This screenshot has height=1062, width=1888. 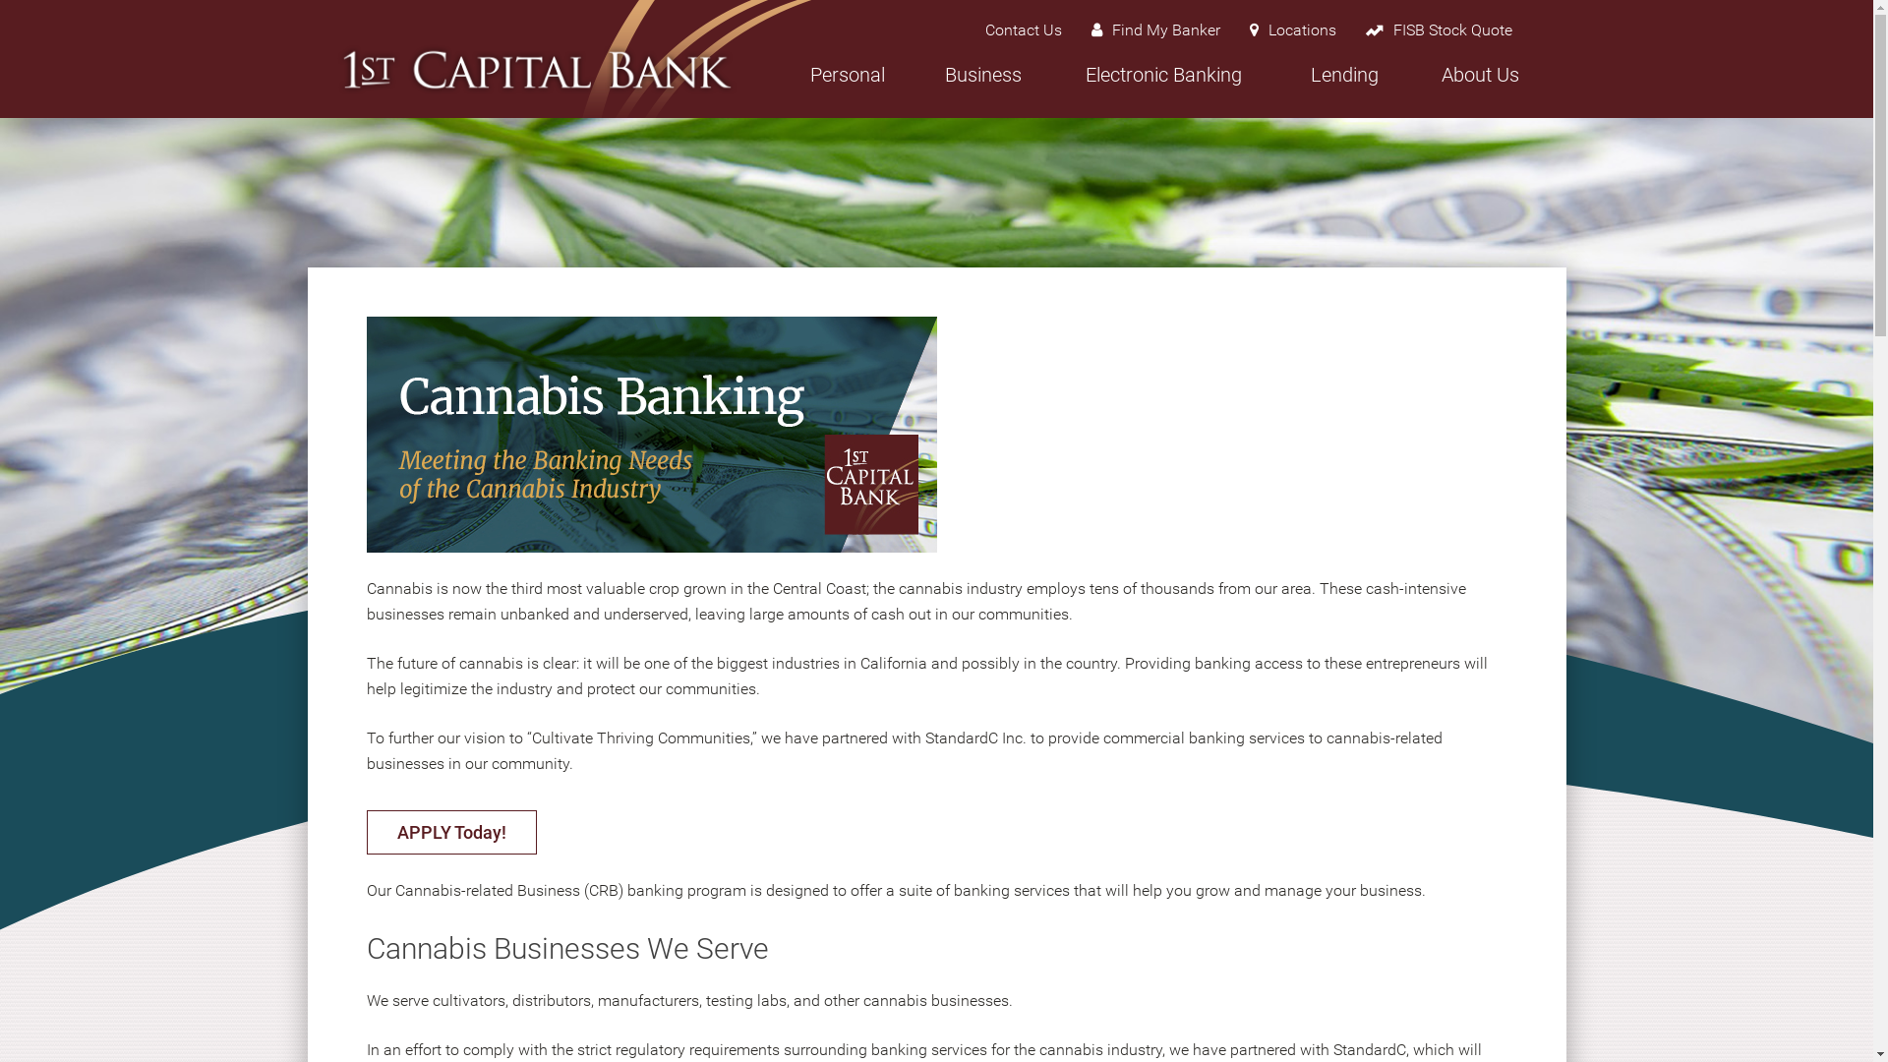 What do you see at coordinates (1023, 29) in the screenshot?
I see `'Contact Us'` at bounding box center [1023, 29].